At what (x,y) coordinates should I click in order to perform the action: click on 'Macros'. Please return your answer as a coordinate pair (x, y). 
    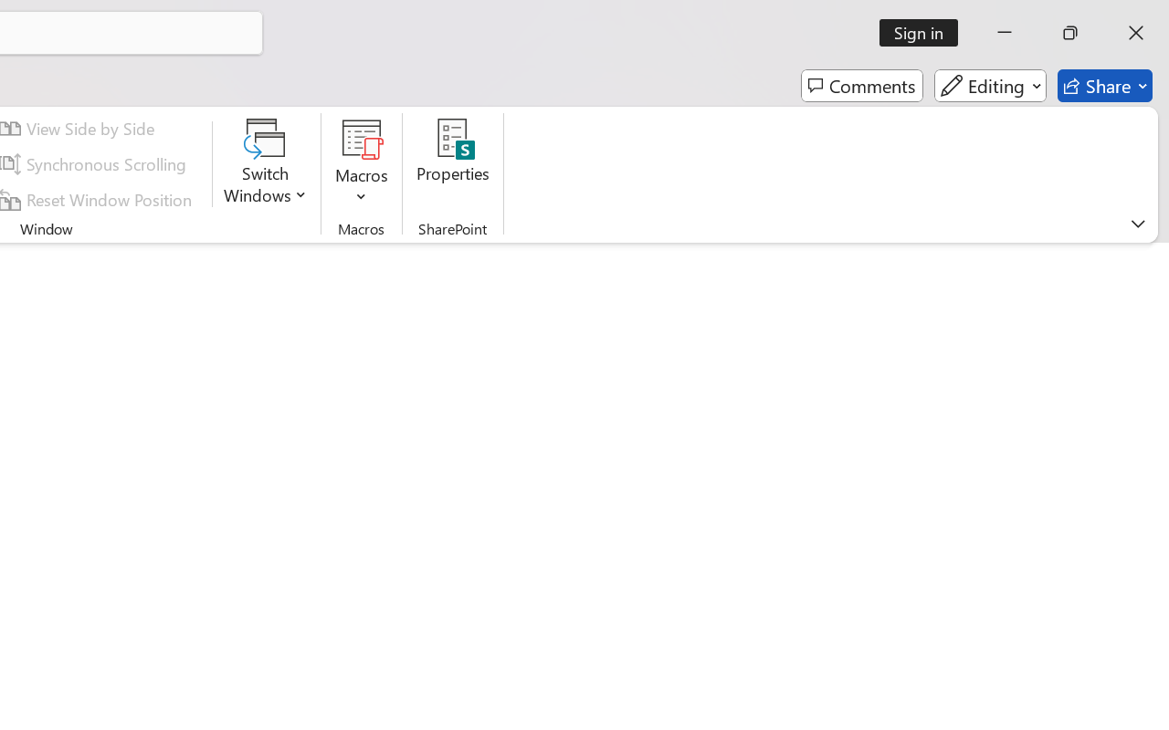
    Looking at the image, I should click on (362, 163).